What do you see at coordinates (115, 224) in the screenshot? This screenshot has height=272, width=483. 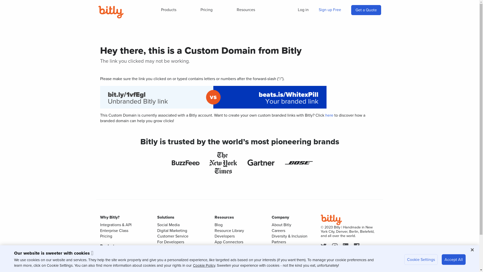 I see `'Integrations & API'` at bounding box center [115, 224].